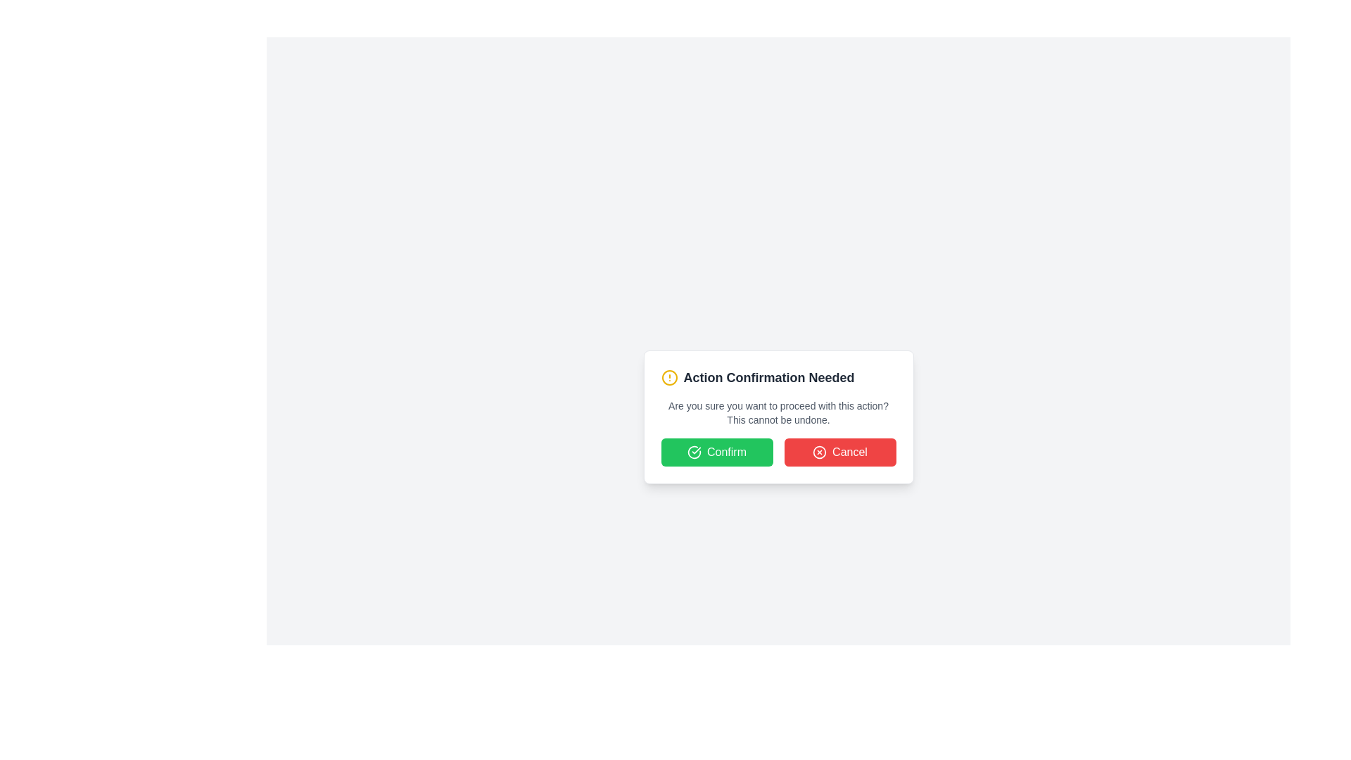 The width and height of the screenshot is (1351, 760). What do you see at coordinates (768, 376) in the screenshot?
I see `text label that serves as a heading for the dialog box, indicating that further confirmation is required for an action` at bounding box center [768, 376].